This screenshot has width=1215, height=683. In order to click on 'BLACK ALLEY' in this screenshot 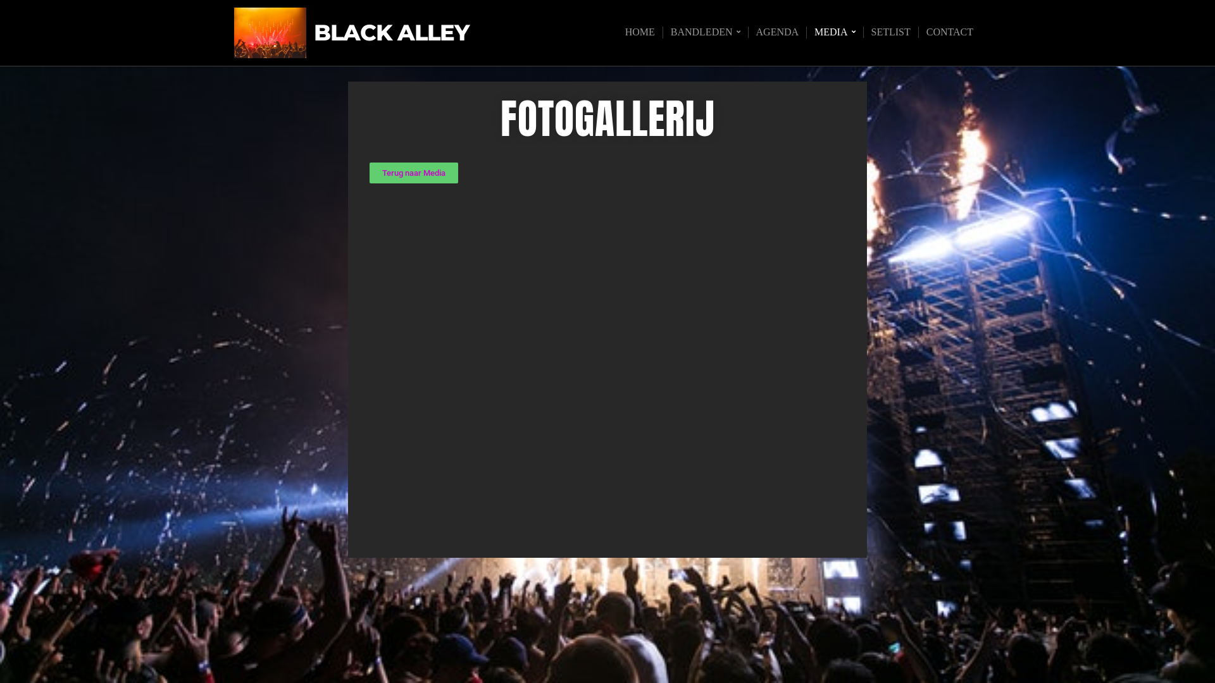, I will do `click(390, 32)`.